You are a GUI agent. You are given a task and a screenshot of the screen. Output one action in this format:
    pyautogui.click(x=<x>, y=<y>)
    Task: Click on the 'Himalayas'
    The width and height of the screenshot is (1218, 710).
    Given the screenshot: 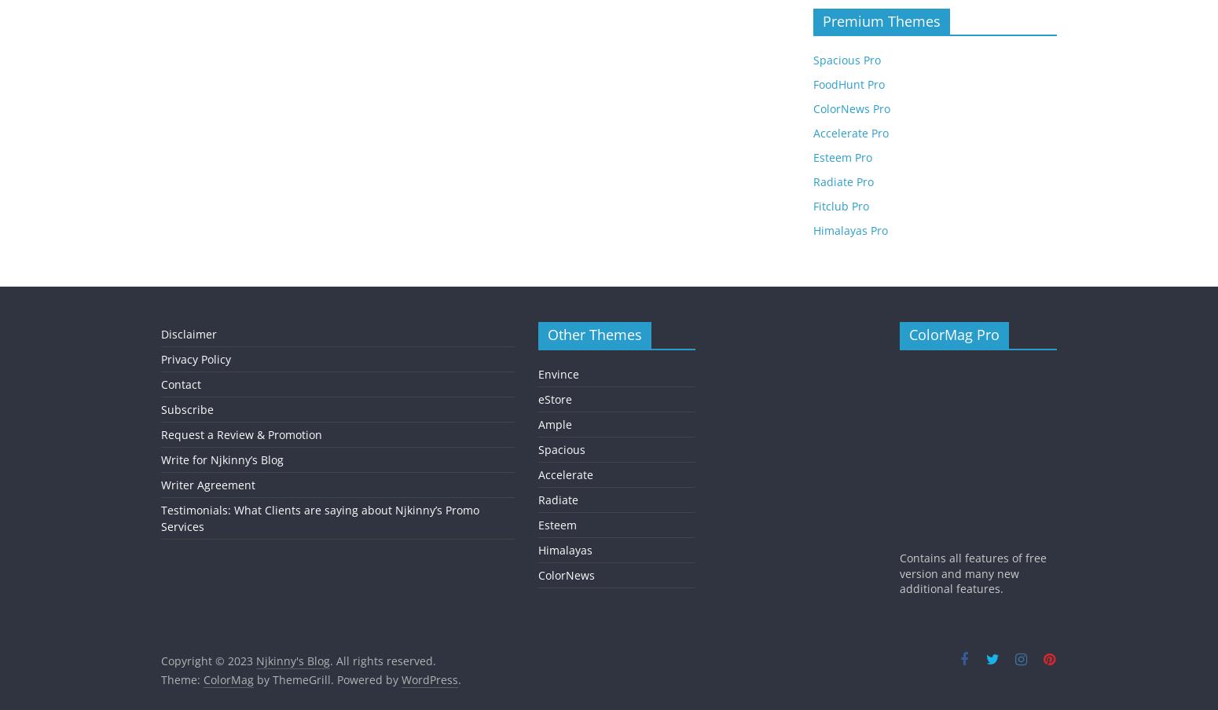 What is the action you would take?
    pyautogui.click(x=565, y=548)
    